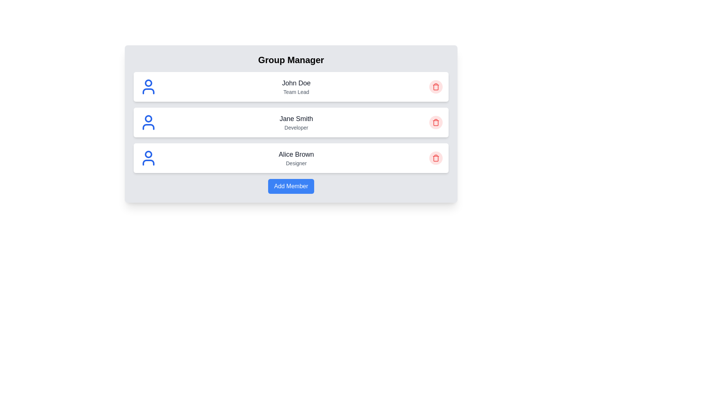  Describe the element at coordinates (290, 157) in the screenshot. I see `the user profile entry for 'Alice Brown', a Designer` at that location.